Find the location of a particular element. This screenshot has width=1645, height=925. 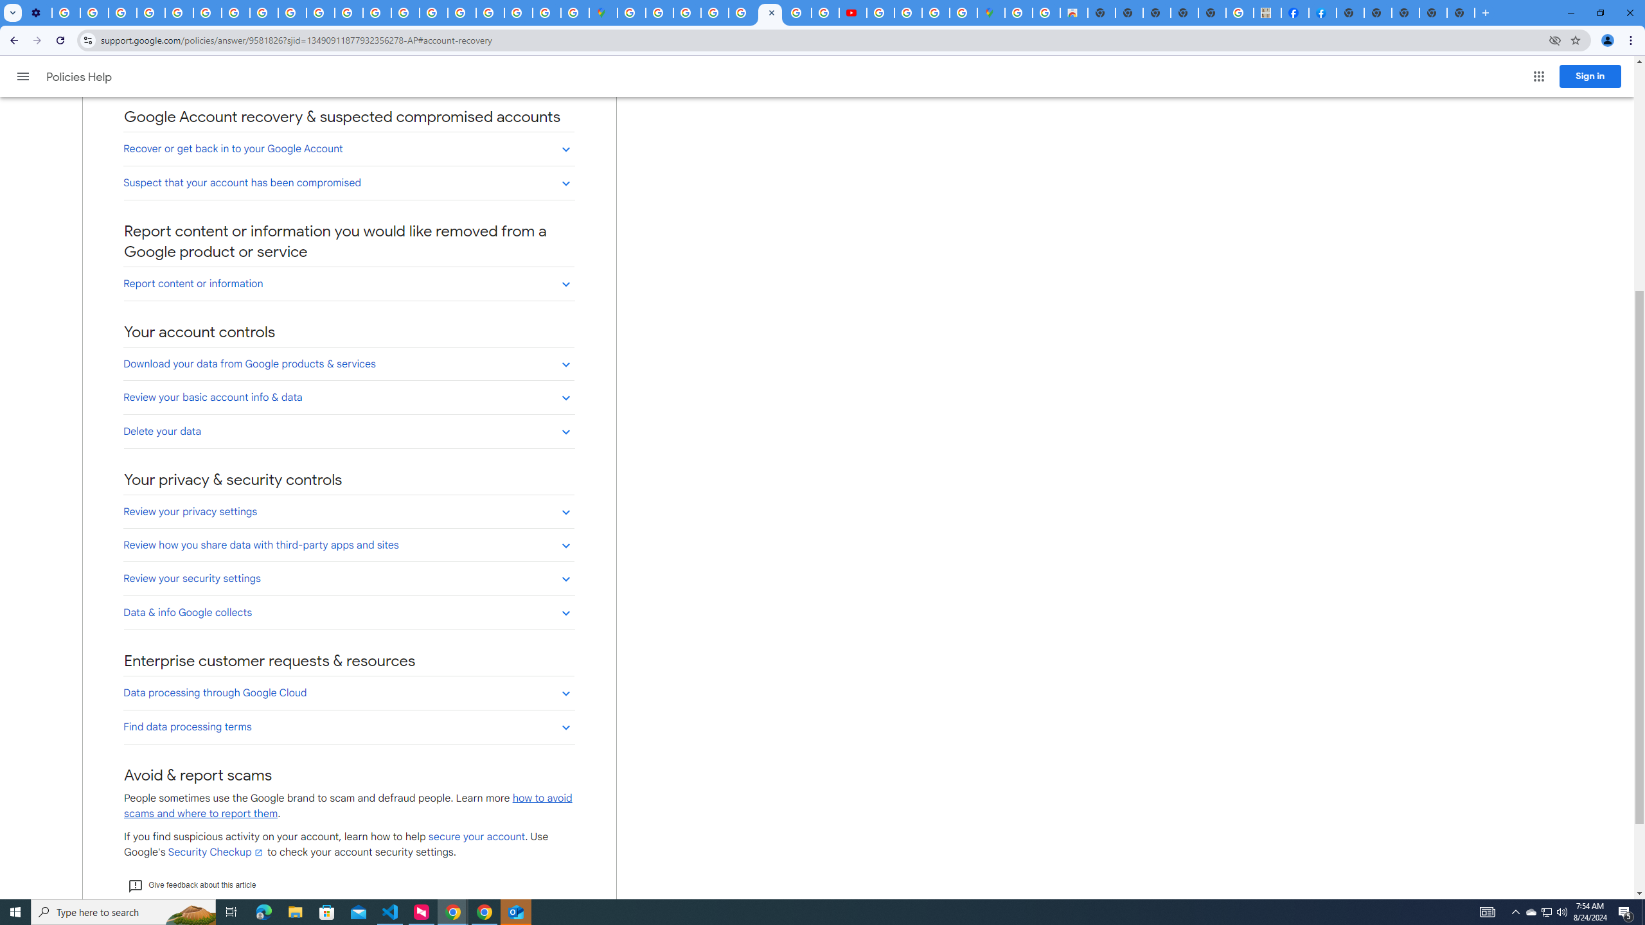

'Delete your data' is located at coordinates (348, 430).